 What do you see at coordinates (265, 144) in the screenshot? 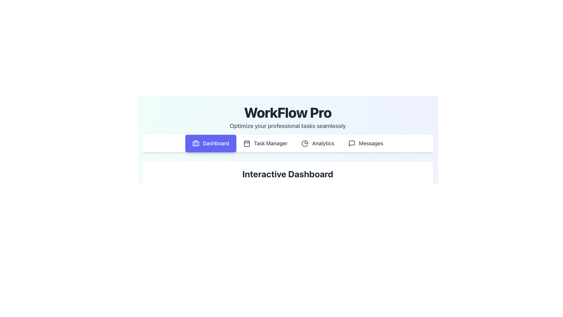
I see `the 'Task Manager' button, which is the second button from the left in a horizontal navigation bar, positioned between the 'Dashboard' button and the 'Analytics' button` at bounding box center [265, 144].